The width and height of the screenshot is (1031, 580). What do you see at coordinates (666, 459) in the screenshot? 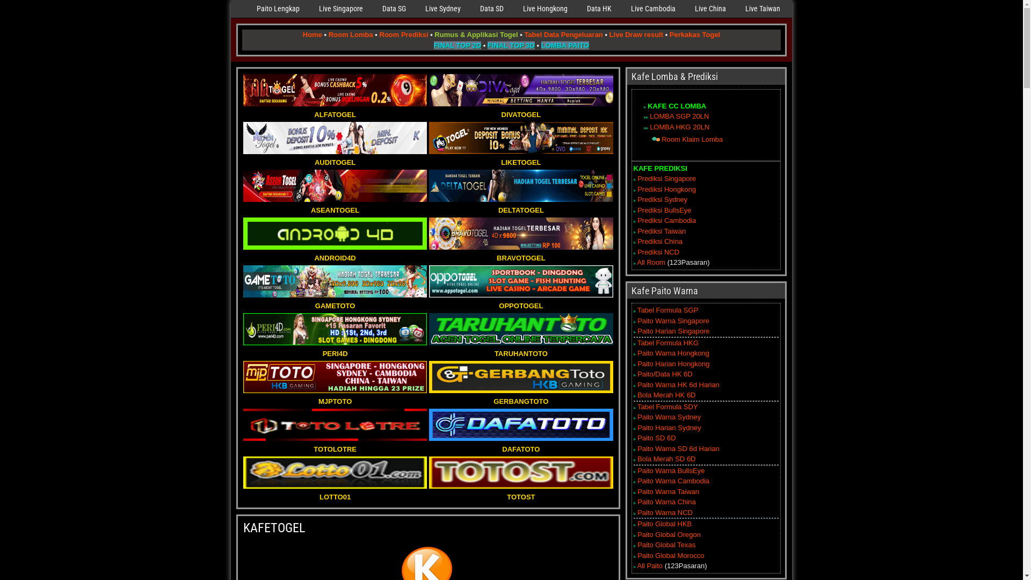
I see `'Bola Merah SD 6D'` at bounding box center [666, 459].